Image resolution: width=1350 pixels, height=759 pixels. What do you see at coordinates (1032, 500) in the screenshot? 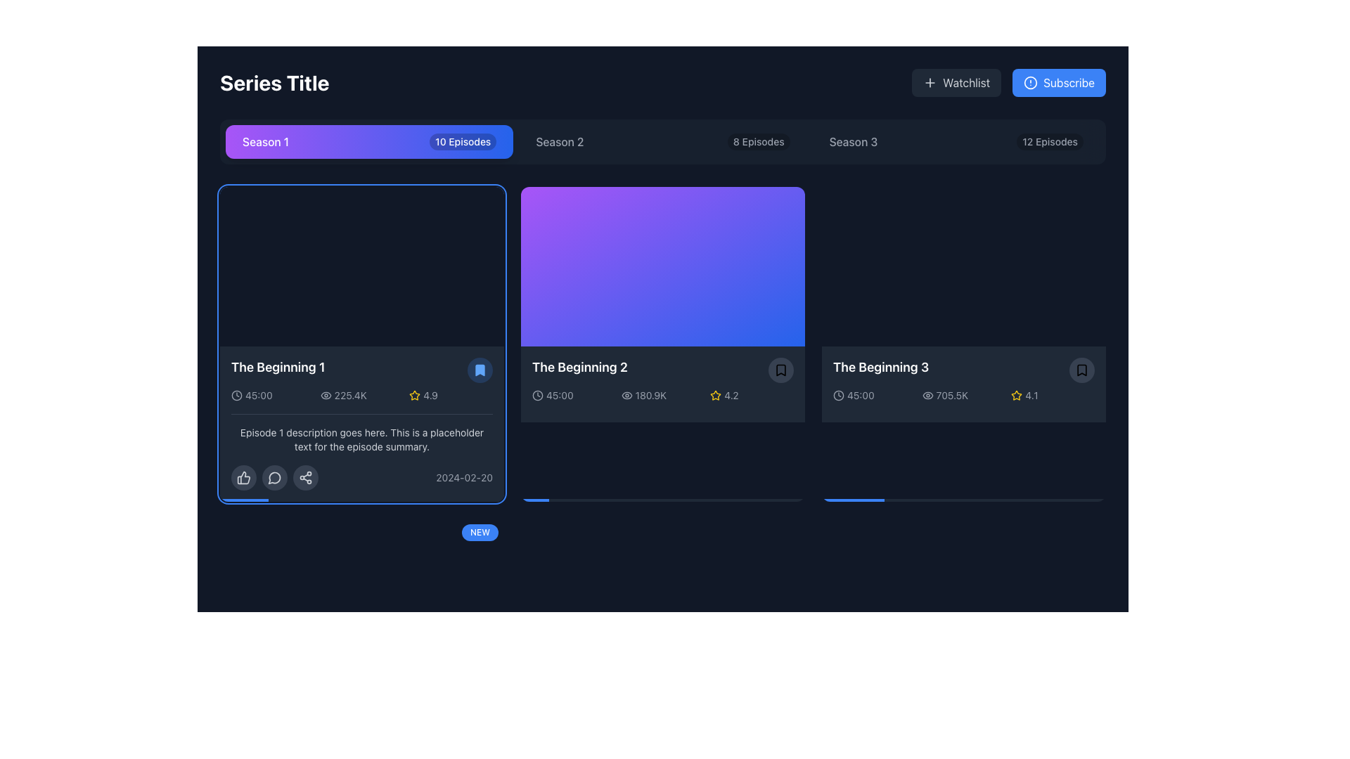
I see `progress level` at bounding box center [1032, 500].